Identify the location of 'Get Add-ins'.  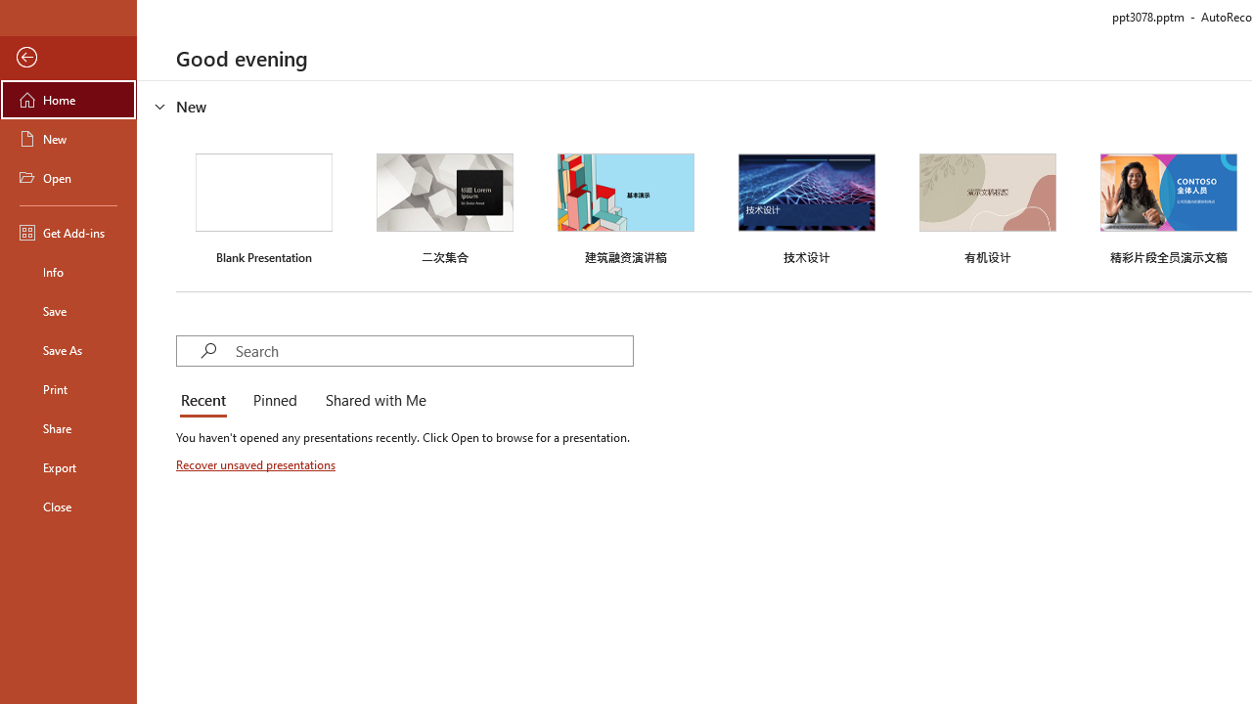
(67, 231).